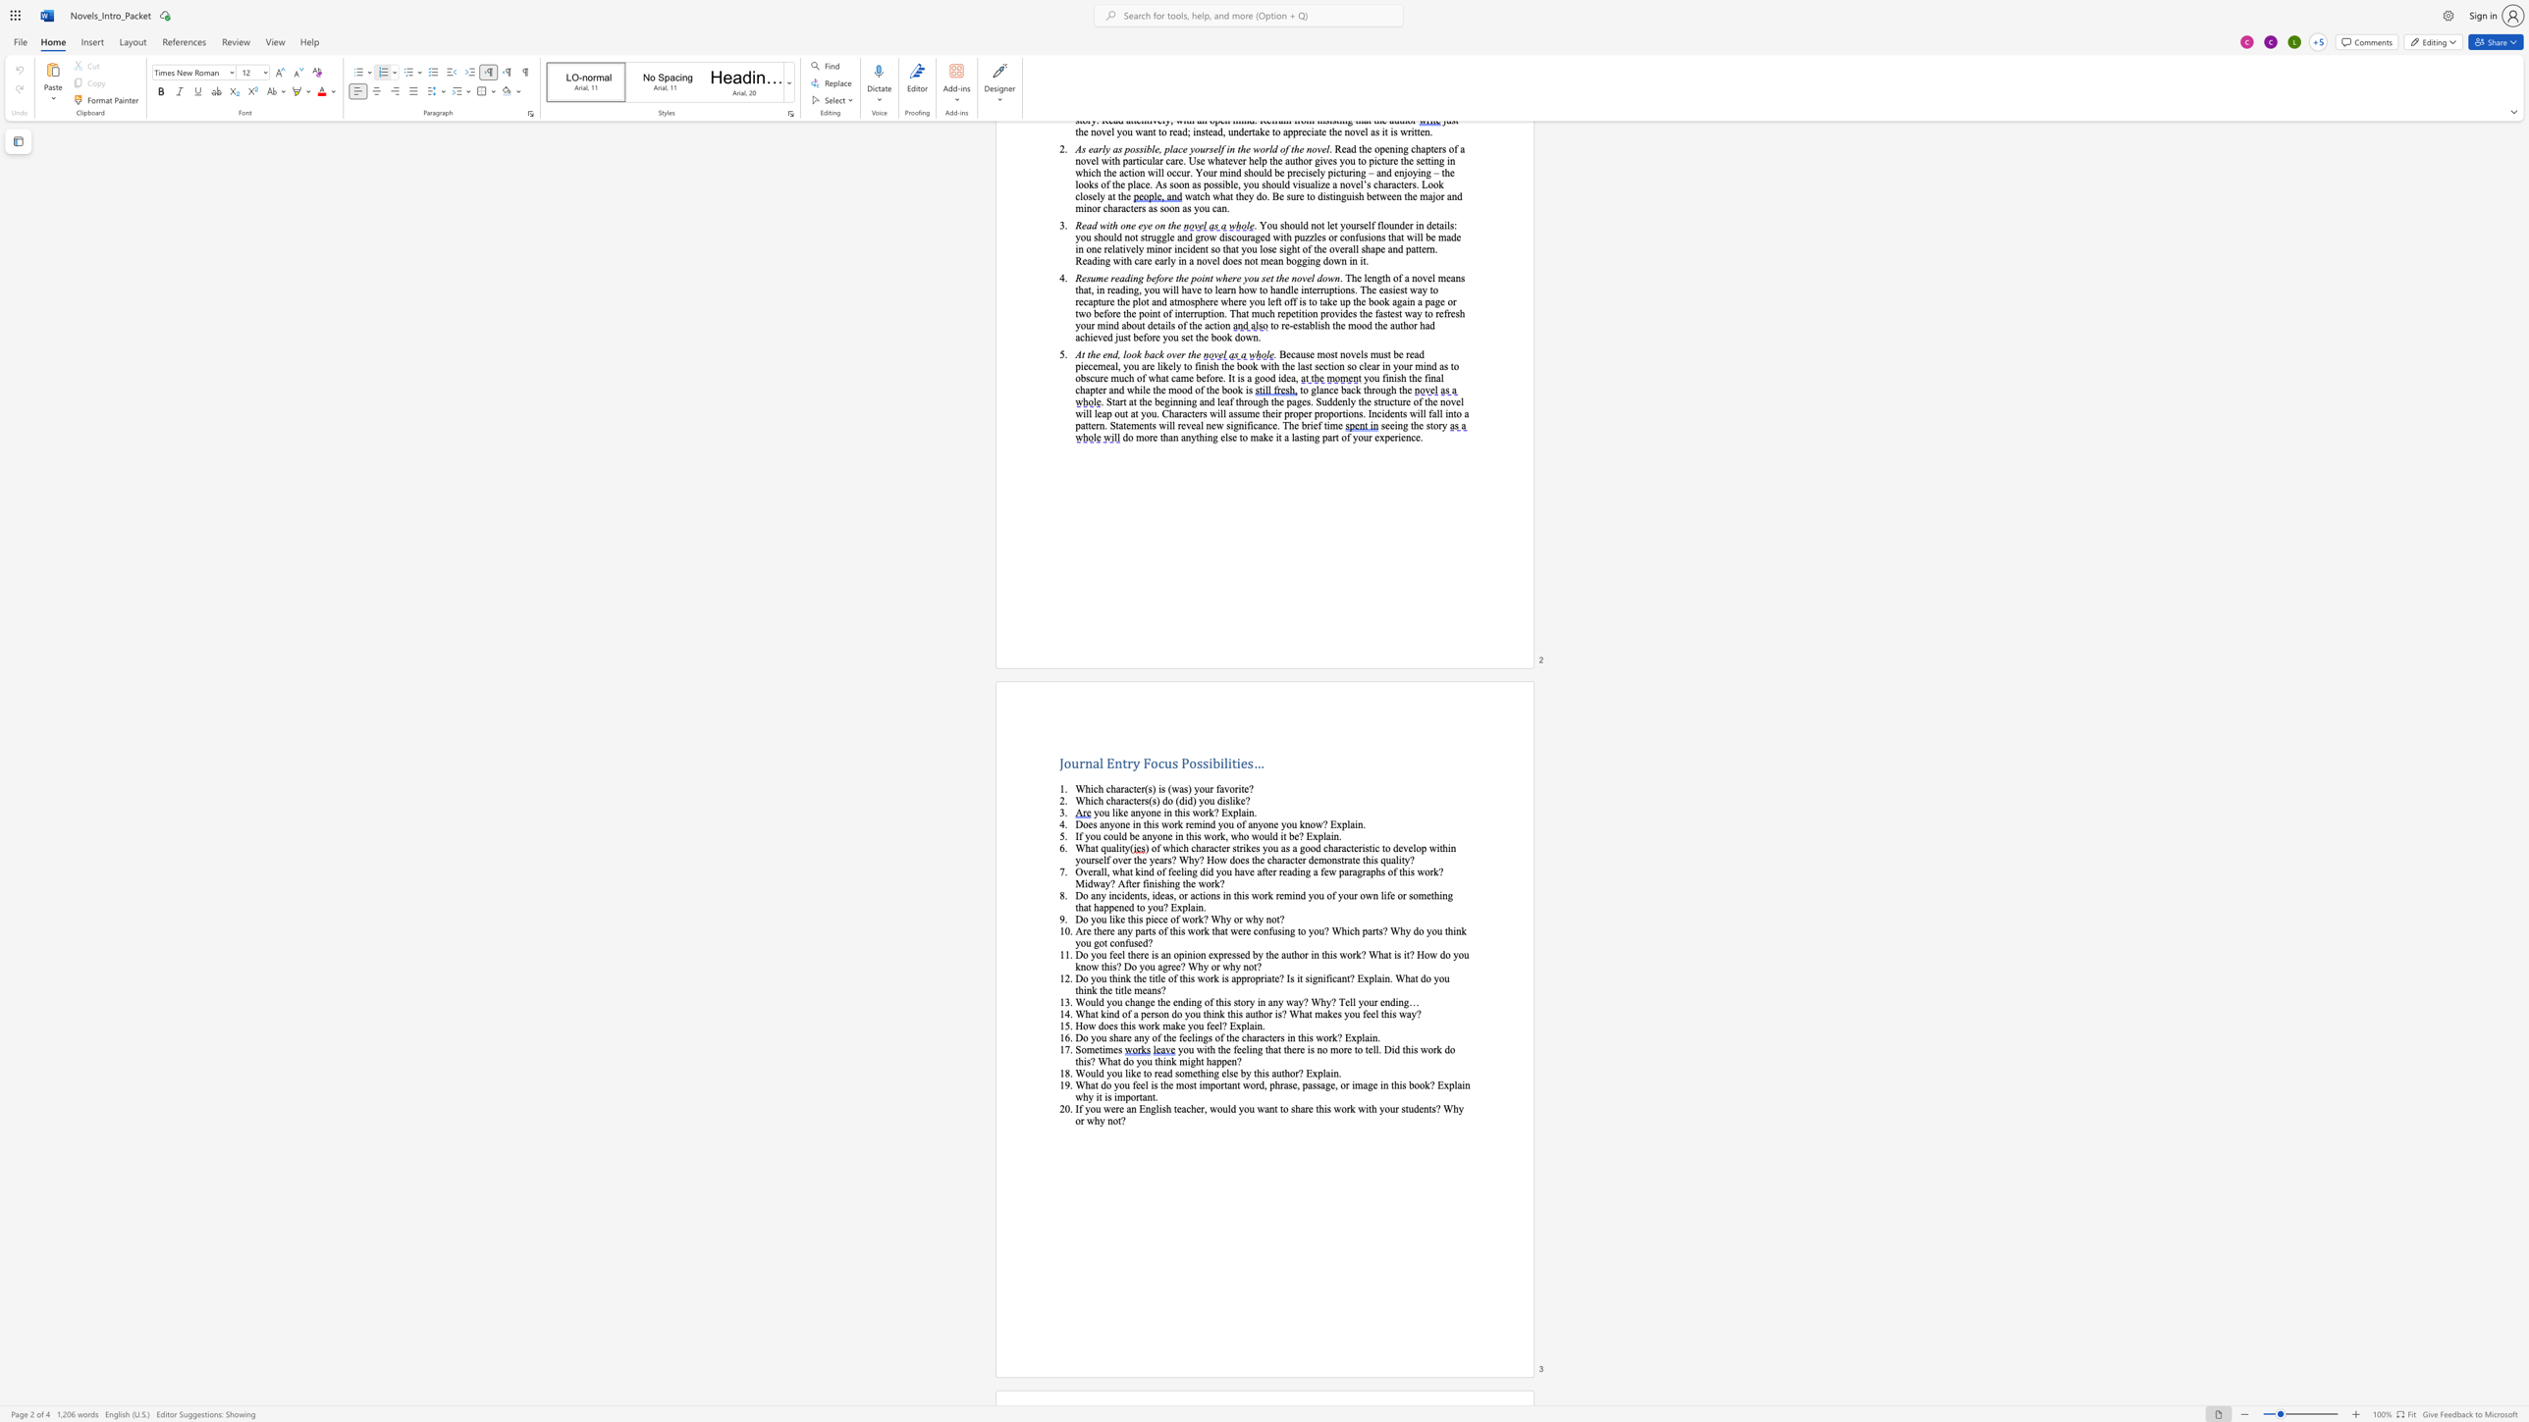 The image size is (2529, 1422). I want to click on the 1th character "i" in the text, so click(1103, 1049).